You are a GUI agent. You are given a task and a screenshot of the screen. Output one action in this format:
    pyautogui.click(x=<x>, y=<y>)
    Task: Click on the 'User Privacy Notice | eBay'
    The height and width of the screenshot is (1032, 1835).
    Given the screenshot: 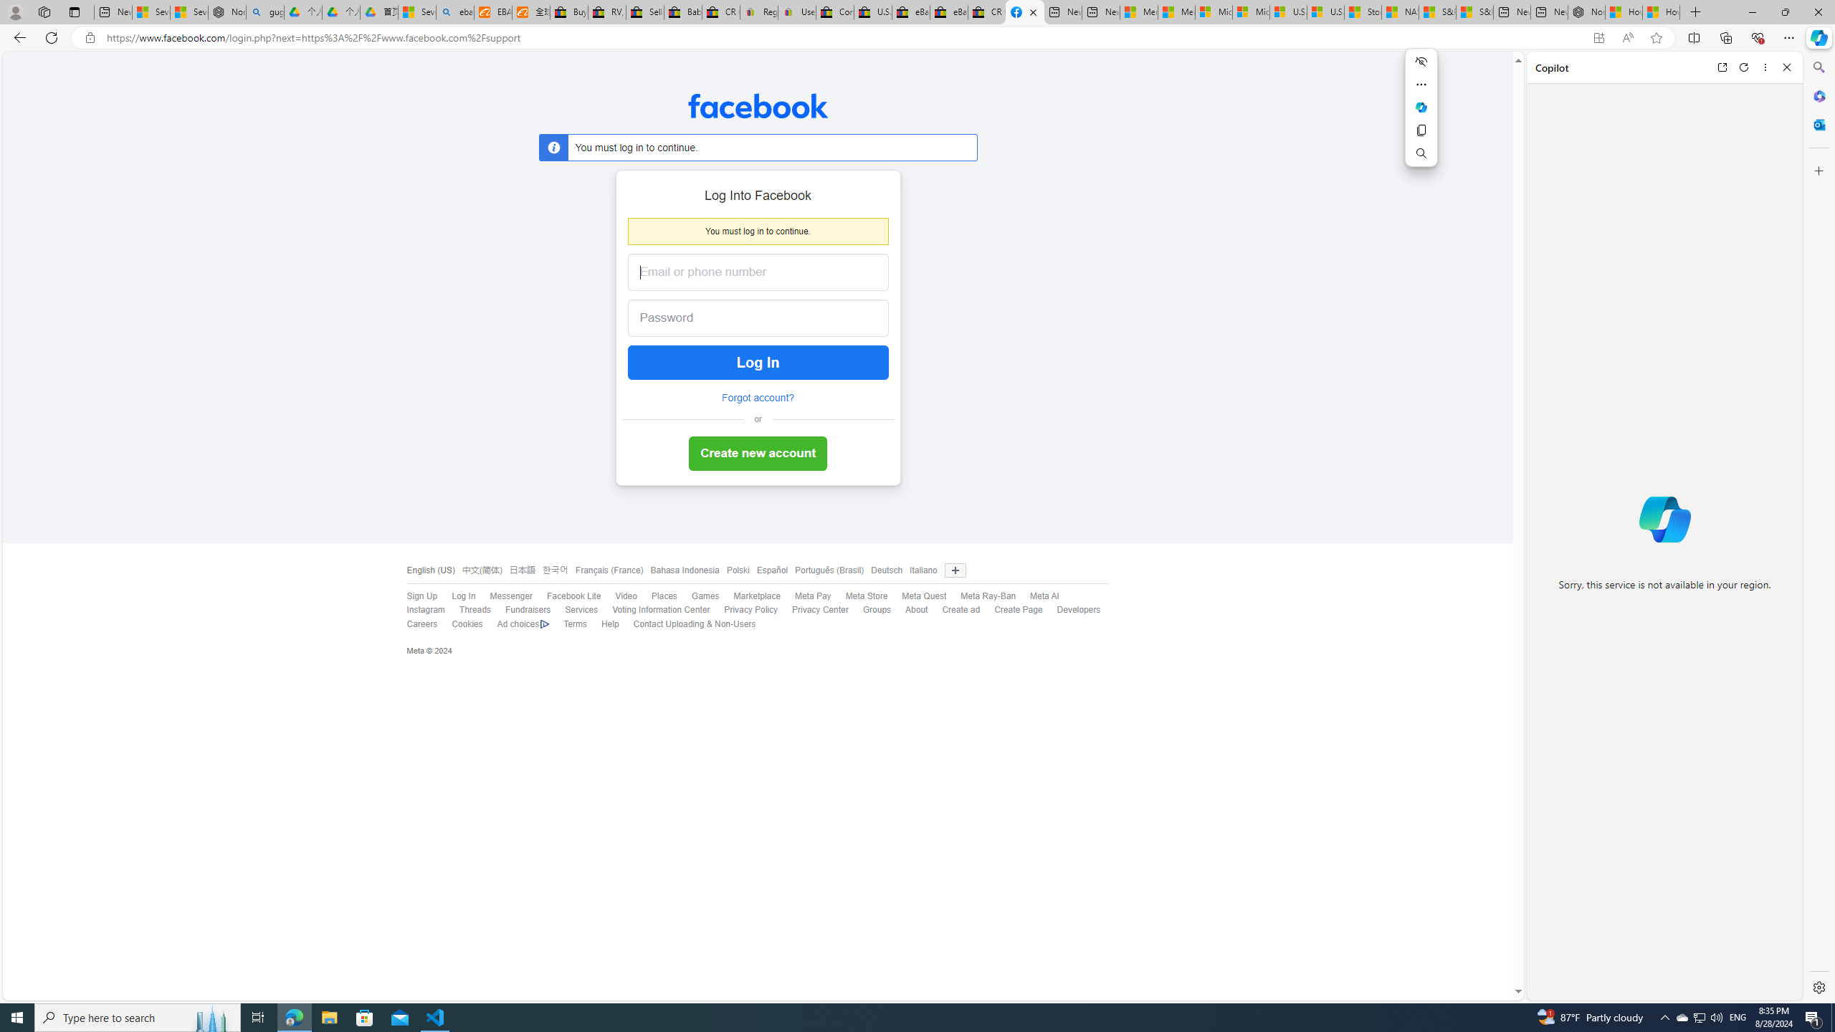 What is the action you would take?
    pyautogui.click(x=797, y=11)
    